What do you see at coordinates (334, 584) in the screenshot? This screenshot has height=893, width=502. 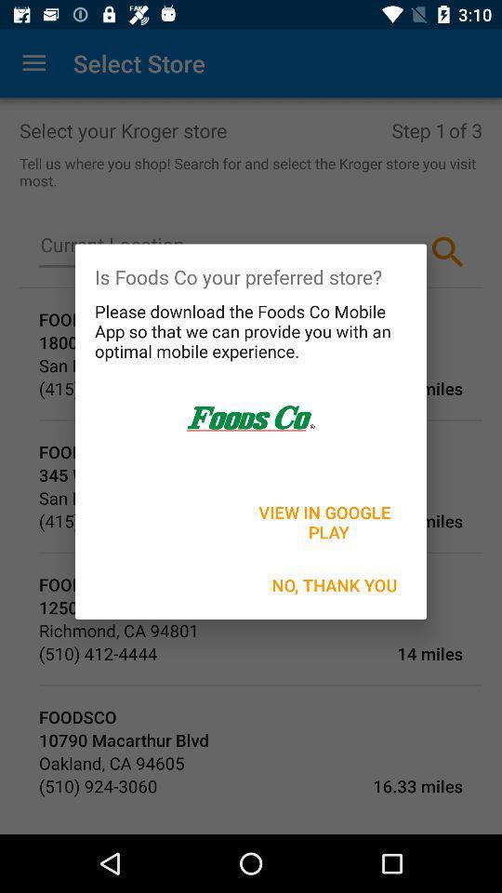 I see `item below view in google icon` at bounding box center [334, 584].